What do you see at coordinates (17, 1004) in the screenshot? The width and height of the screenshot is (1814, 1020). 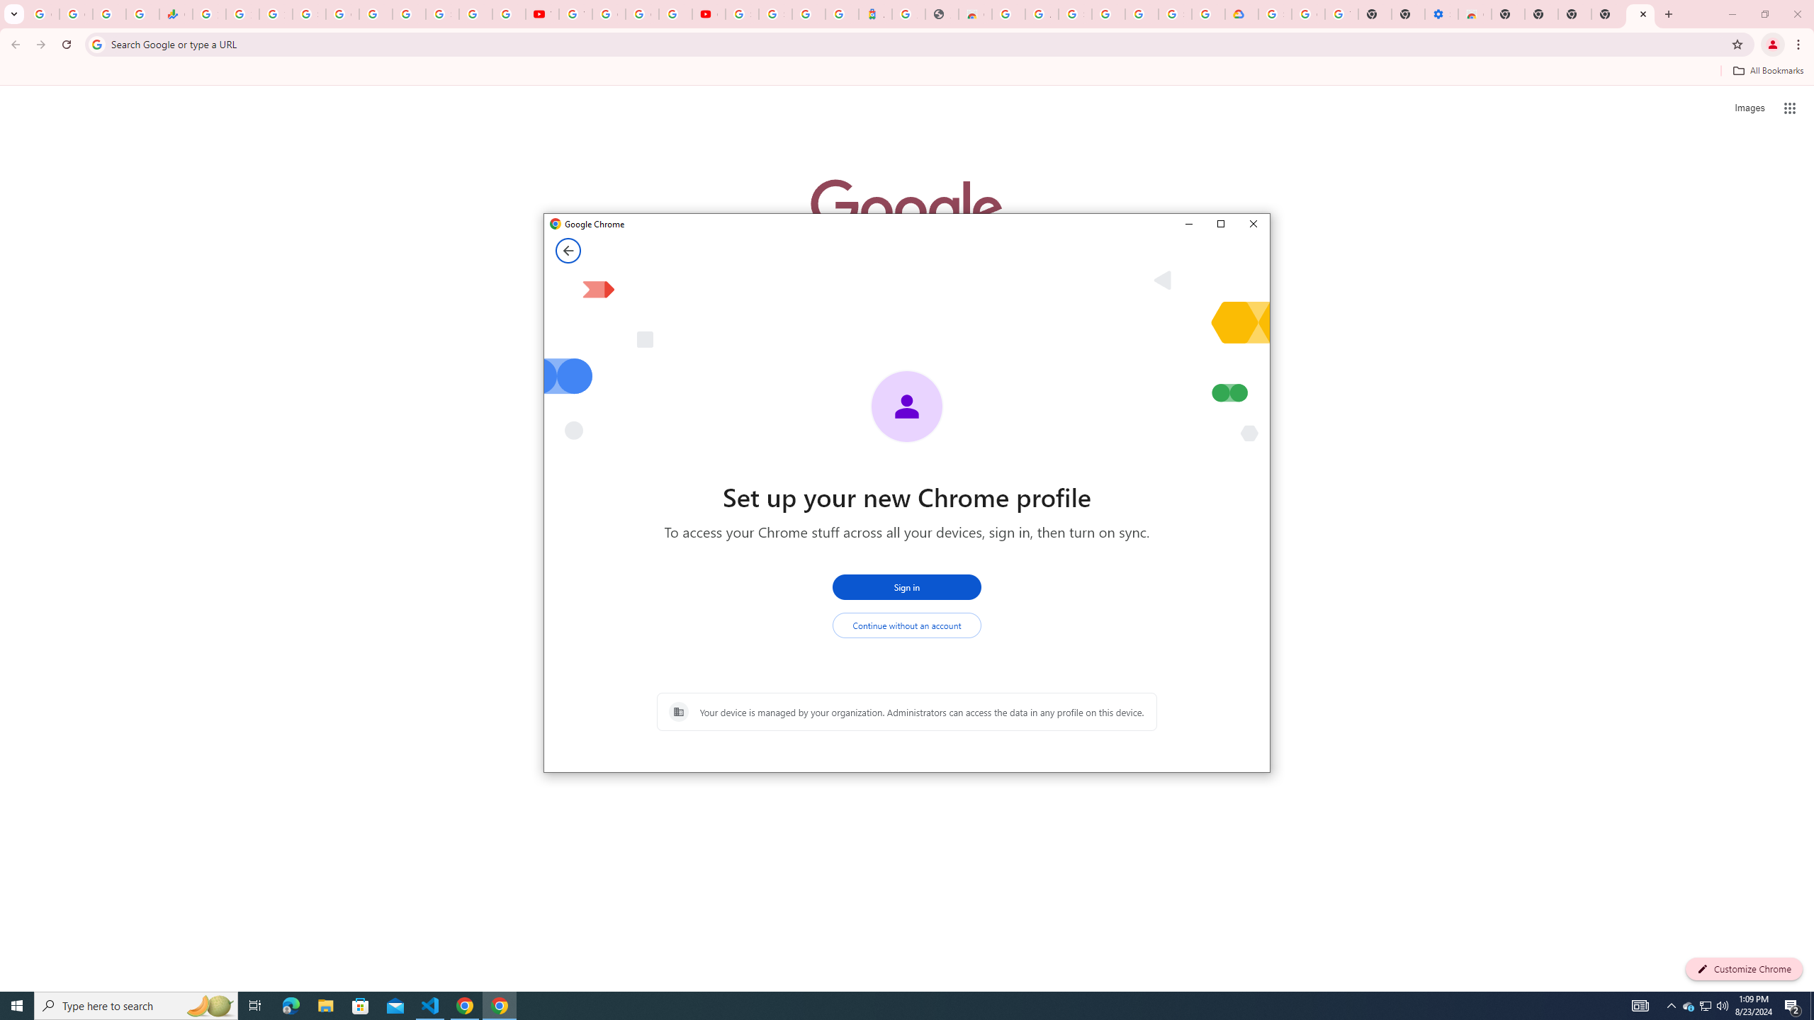 I see `'Start'` at bounding box center [17, 1004].